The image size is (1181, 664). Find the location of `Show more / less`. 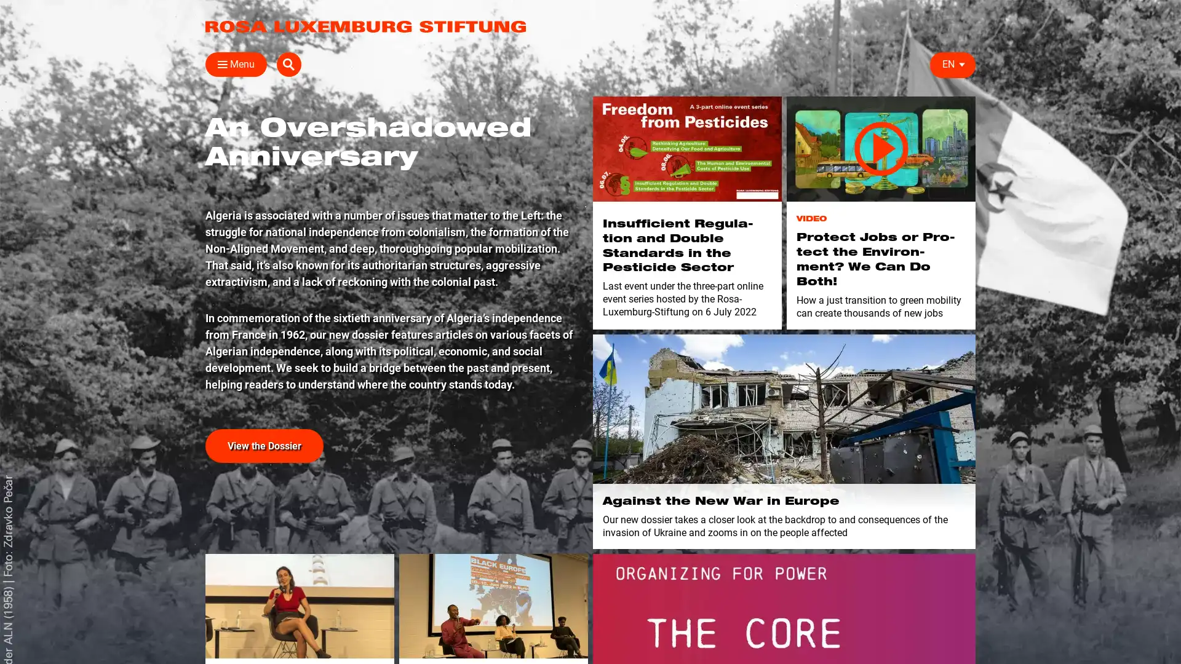

Show more / less is located at coordinates (200, 144).